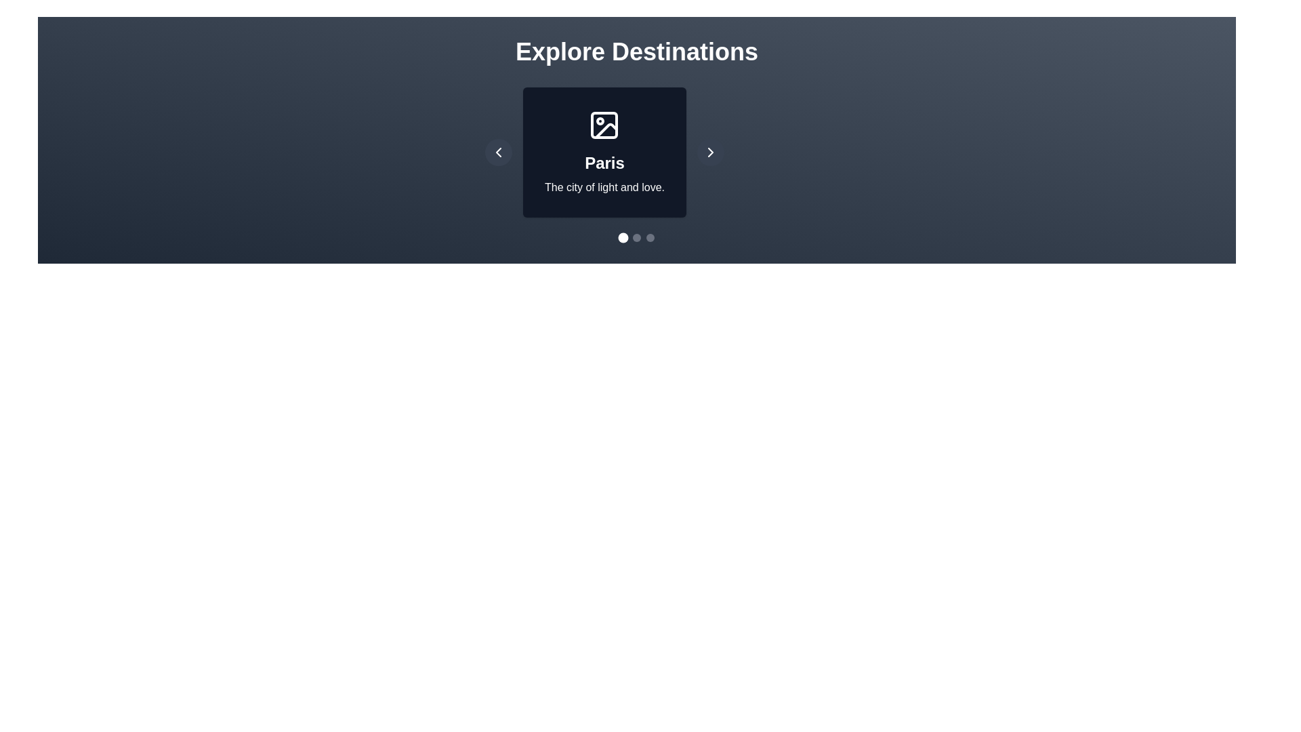  Describe the element at coordinates (636, 237) in the screenshot. I see `the dot corresponding to destination 1` at that location.